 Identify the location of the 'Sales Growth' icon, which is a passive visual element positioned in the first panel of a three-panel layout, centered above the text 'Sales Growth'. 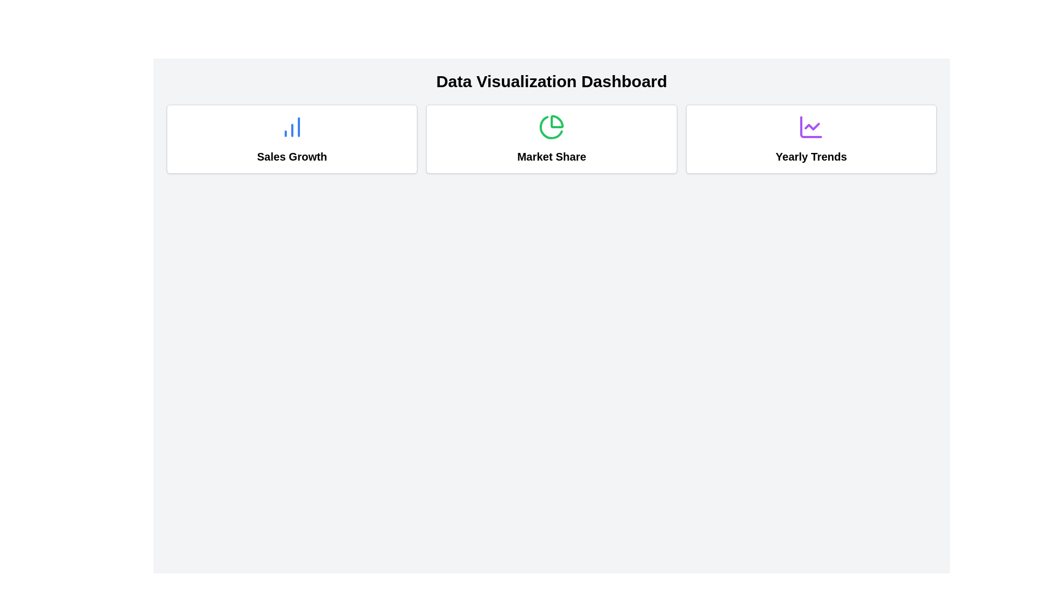
(292, 126).